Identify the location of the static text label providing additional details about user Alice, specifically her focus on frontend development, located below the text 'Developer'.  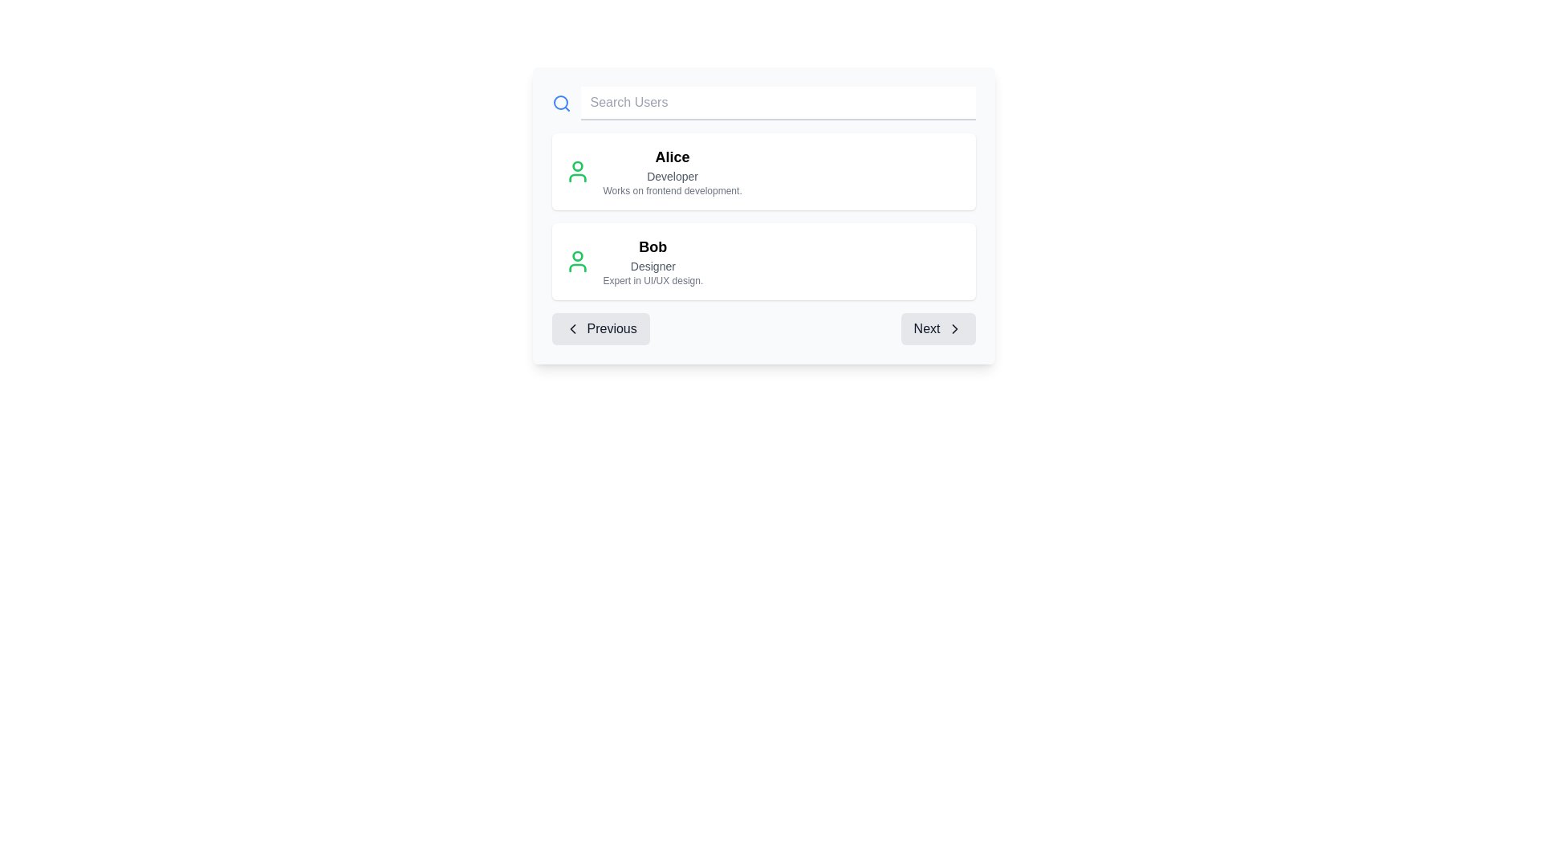
(673, 190).